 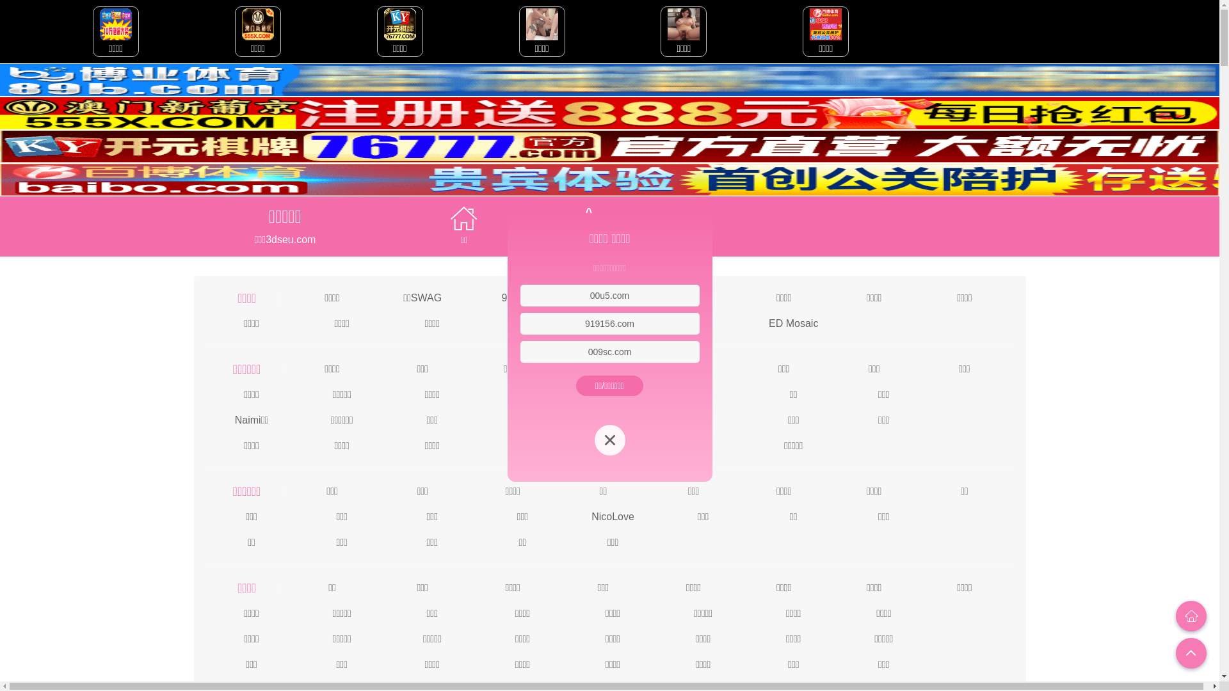 What do you see at coordinates (612, 515) in the screenshot?
I see `'NicoLove'` at bounding box center [612, 515].